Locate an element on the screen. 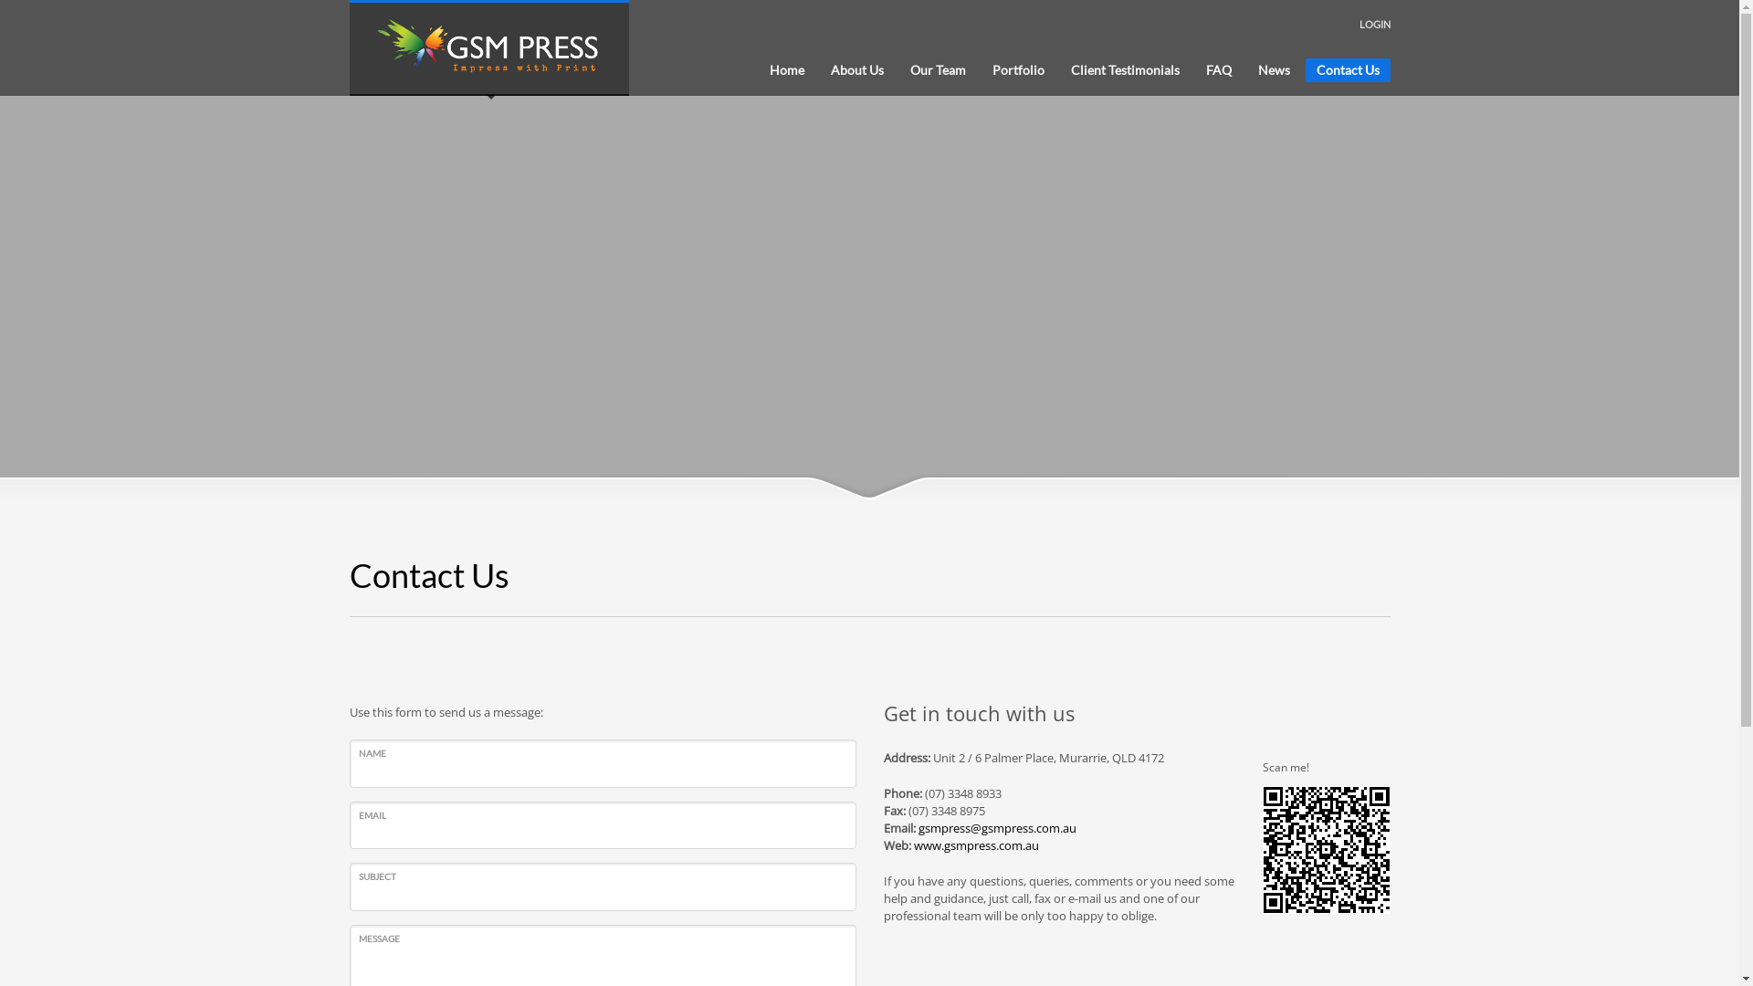 The width and height of the screenshot is (1753, 986). 'News' is located at coordinates (1246, 69).